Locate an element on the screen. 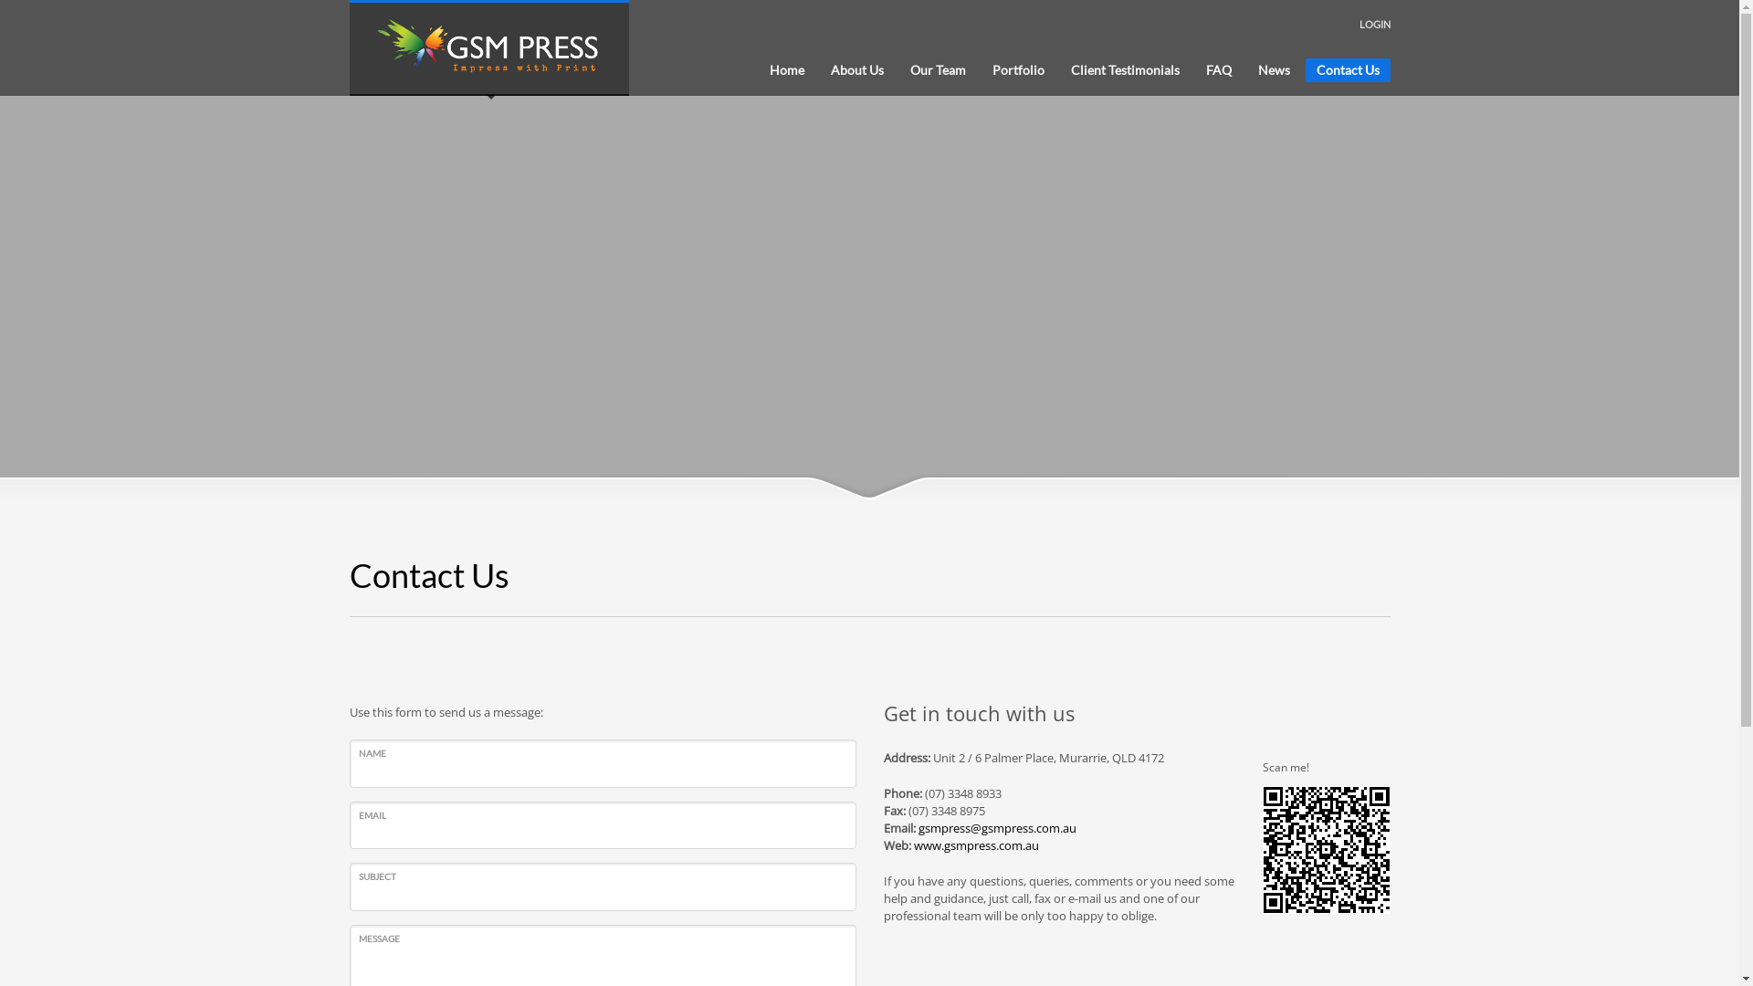 The width and height of the screenshot is (1753, 986). 'News' is located at coordinates (1246, 69).